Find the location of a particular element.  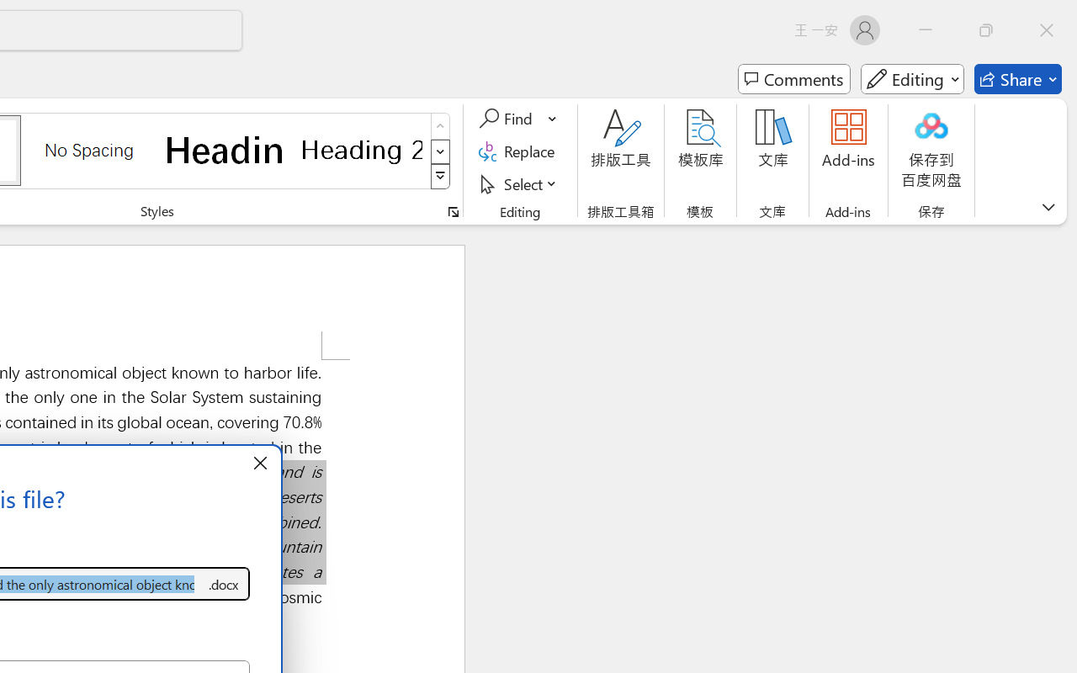

'Styles...' is located at coordinates (453, 211).